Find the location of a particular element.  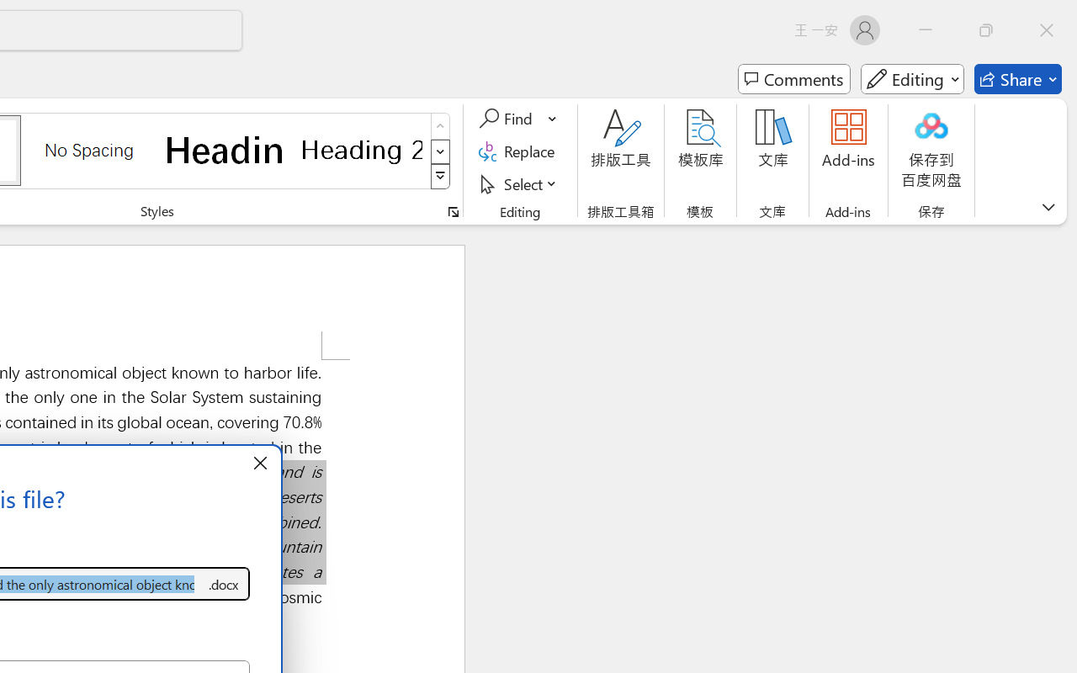

'Styles...' is located at coordinates (453, 211).